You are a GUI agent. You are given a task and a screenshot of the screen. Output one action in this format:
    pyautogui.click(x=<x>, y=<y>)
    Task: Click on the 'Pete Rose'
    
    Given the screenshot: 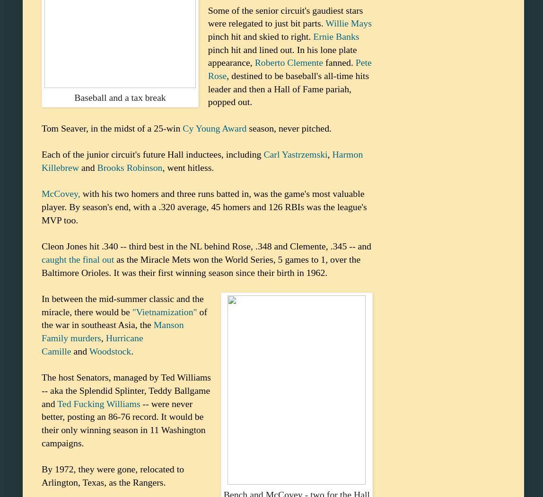 What is the action you would take?
    pyautogui.click(x=289, y=68)
    